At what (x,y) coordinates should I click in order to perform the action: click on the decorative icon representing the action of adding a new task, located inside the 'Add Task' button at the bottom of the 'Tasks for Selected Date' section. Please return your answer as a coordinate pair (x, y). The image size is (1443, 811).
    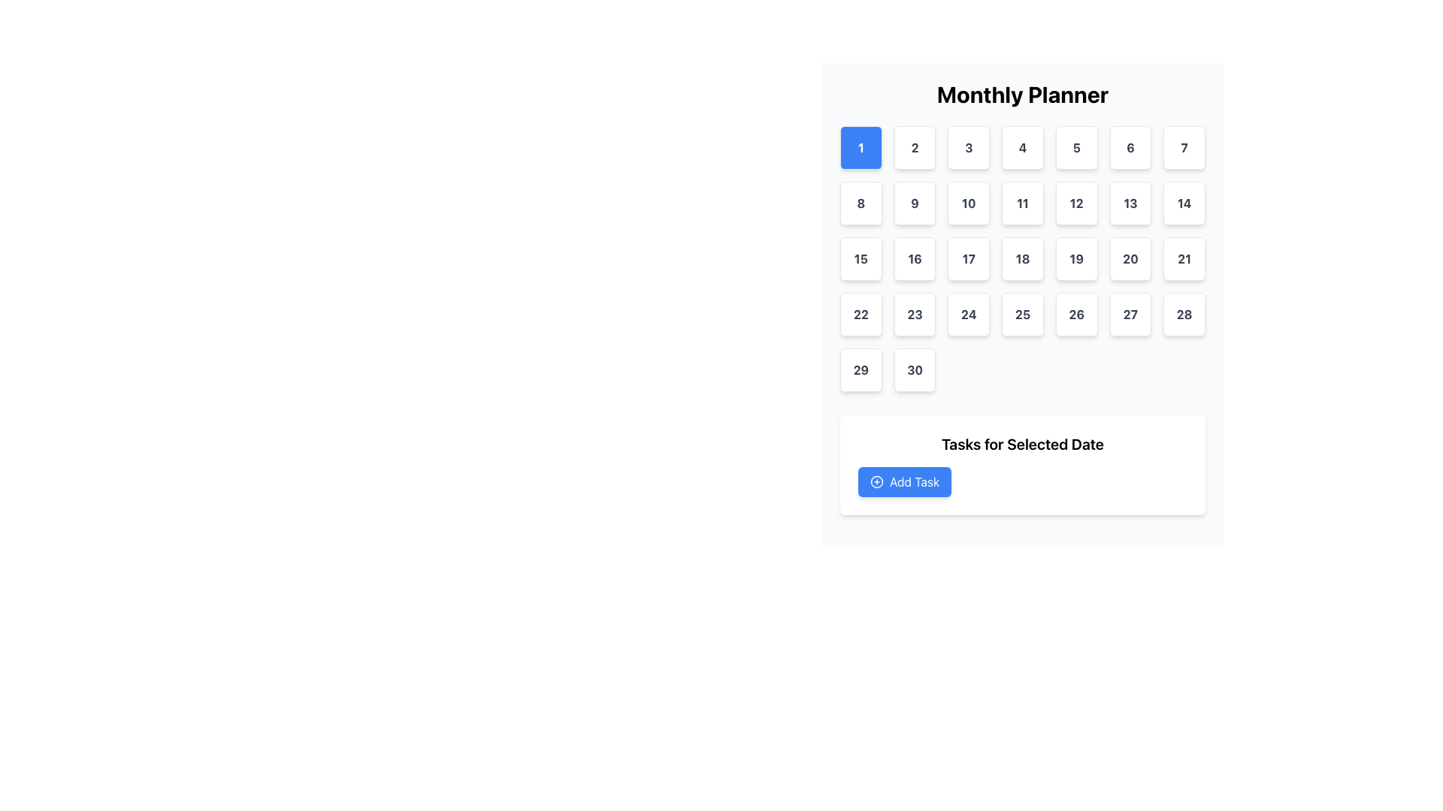
    Looking at the image, I should click on (876, 481).